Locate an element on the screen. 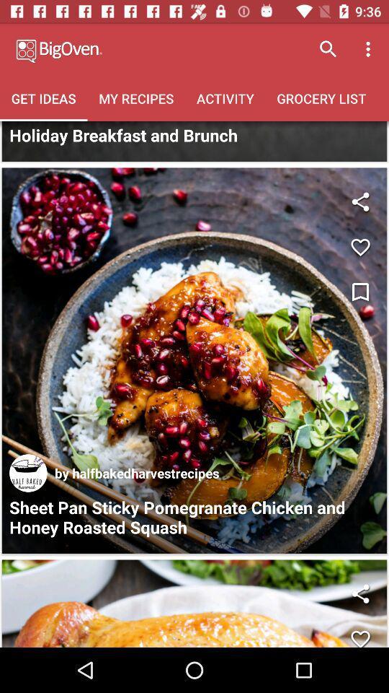 This screenshot has width=389, height=693. recipe is located at coordinates (194, 359).